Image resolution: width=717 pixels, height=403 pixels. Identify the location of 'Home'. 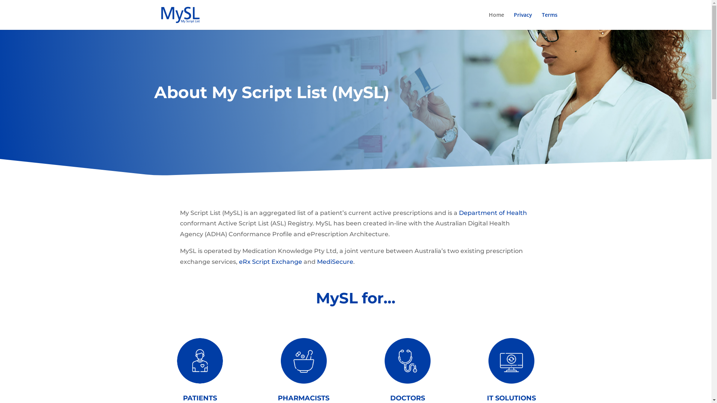
(488, 21).